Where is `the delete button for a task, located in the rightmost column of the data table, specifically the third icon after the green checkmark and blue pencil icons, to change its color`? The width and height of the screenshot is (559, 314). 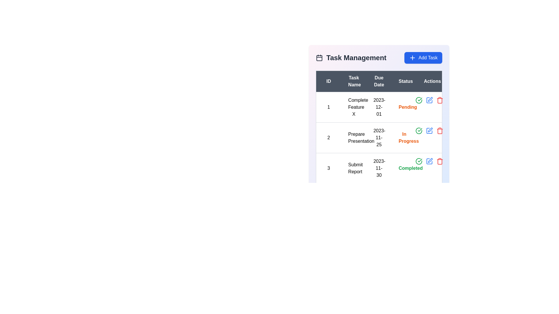
the delete button for a task, located in the rightmost column of the data table, specifically the third icon after the green checkmark and blue pencil icons, to change its color is located at coordinates (440, 100).